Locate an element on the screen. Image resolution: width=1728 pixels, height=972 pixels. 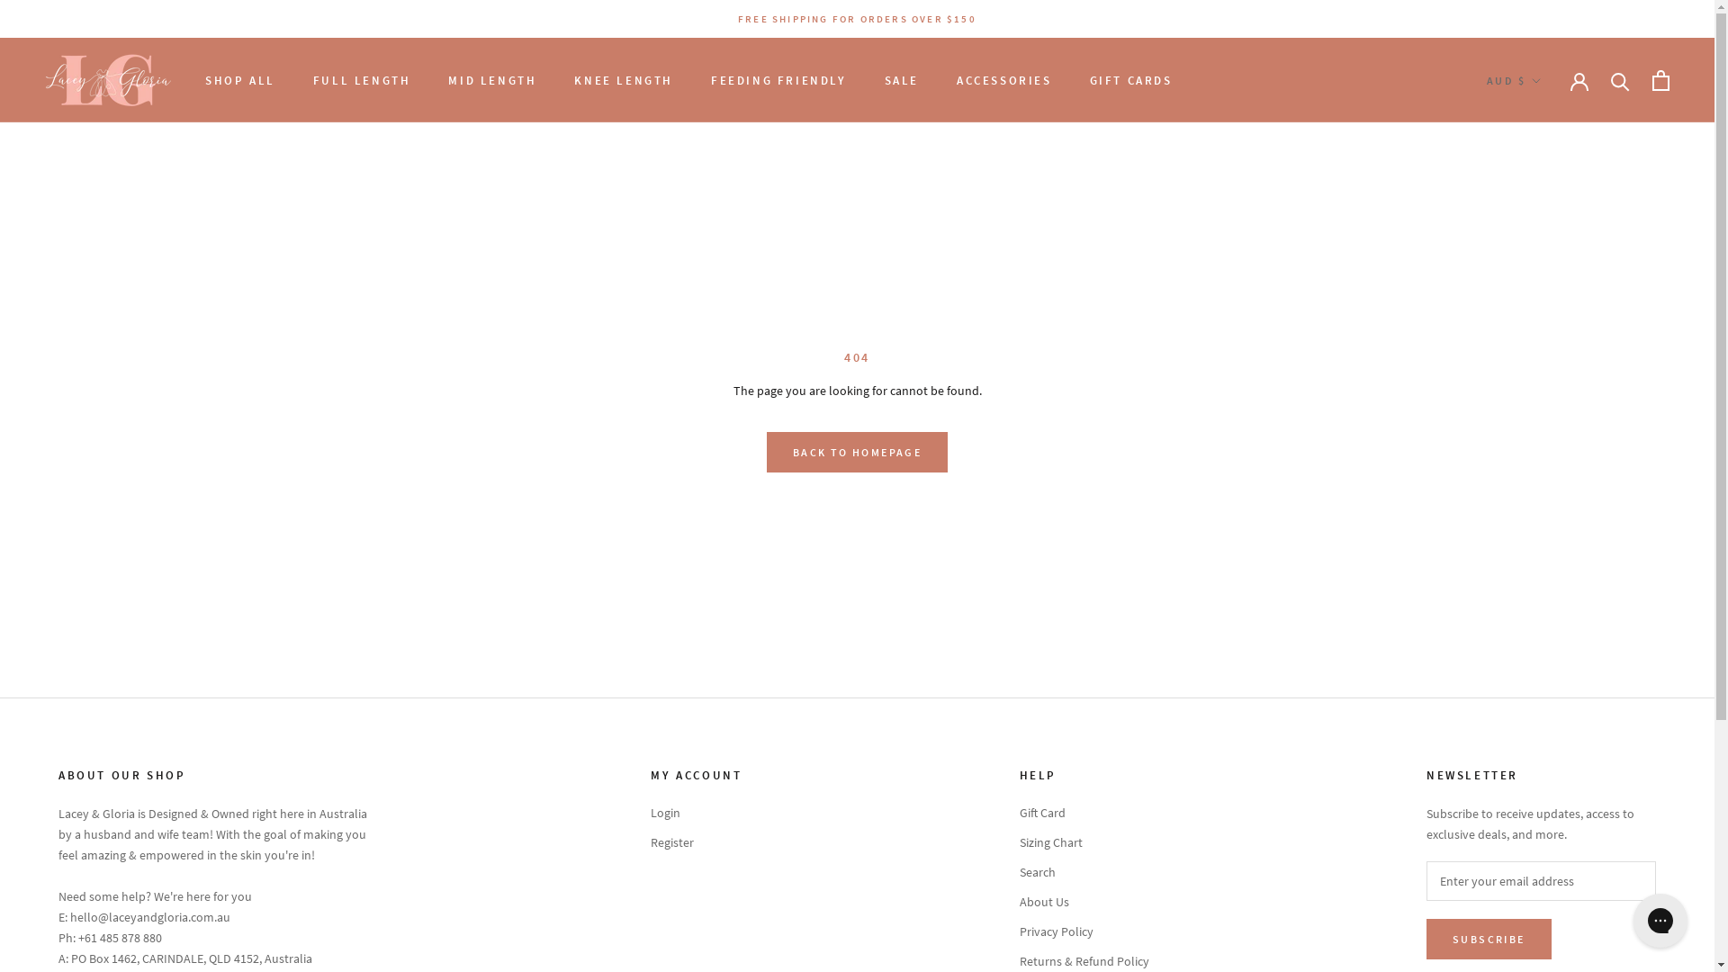
'Gift Card' is located at coordinates (1083, 813).